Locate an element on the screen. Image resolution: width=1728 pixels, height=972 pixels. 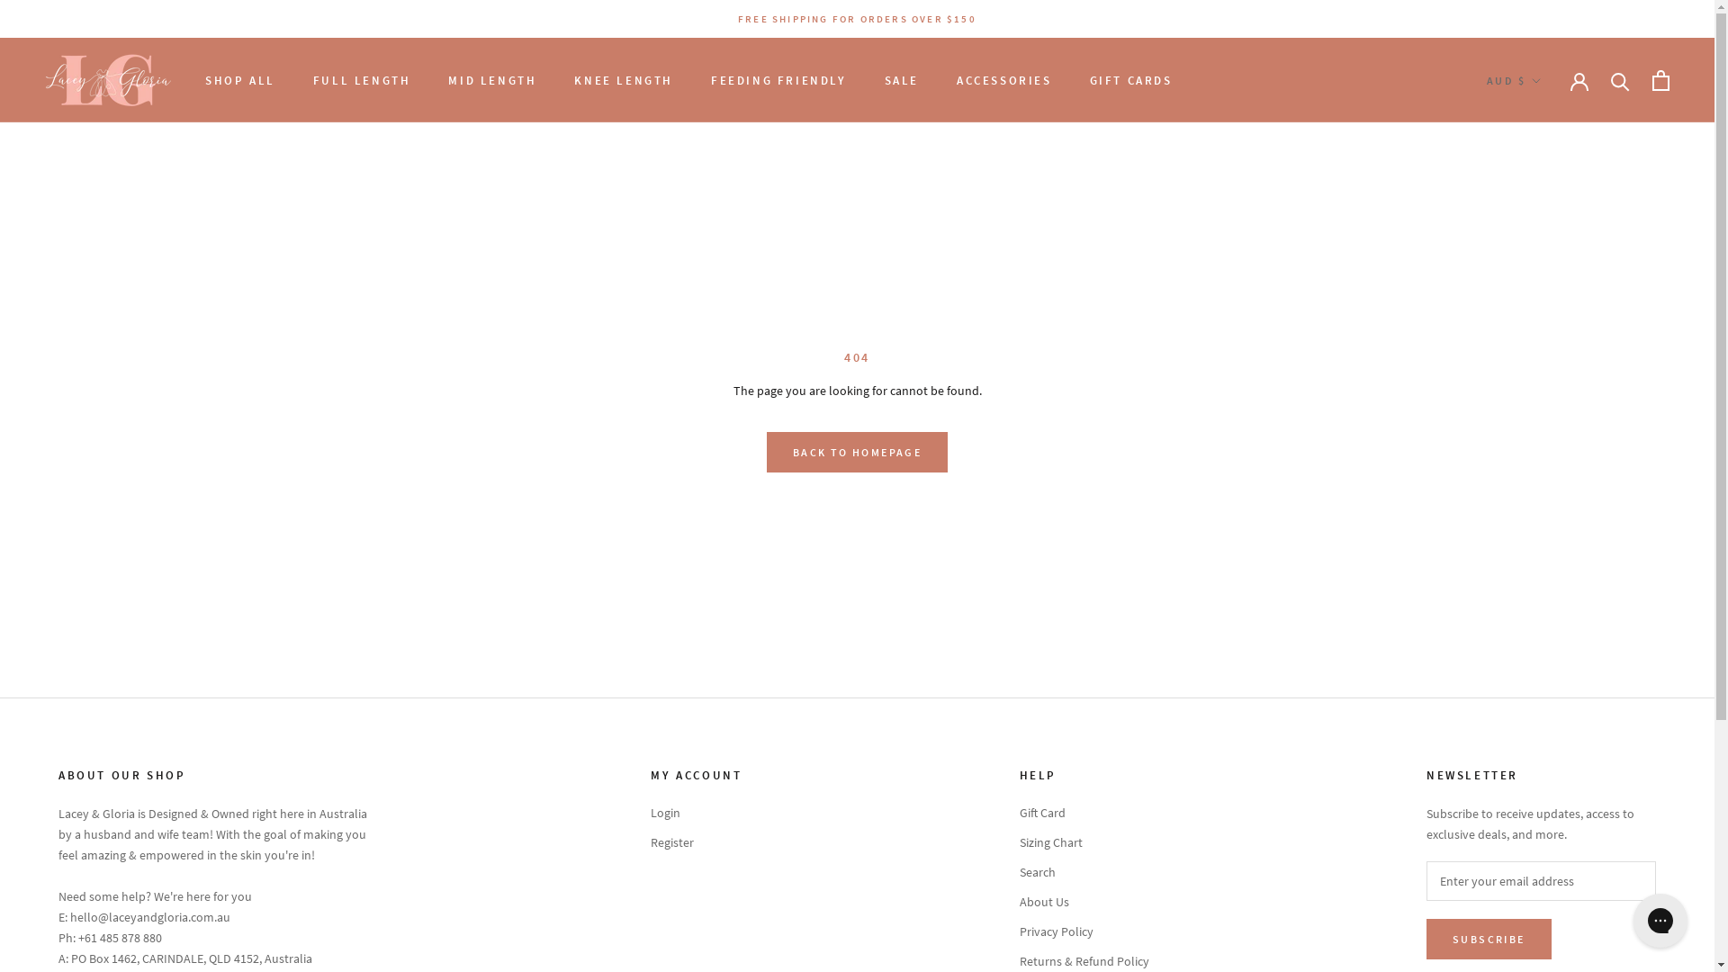
'Gift Card' is located at coordinates (1083, 813).